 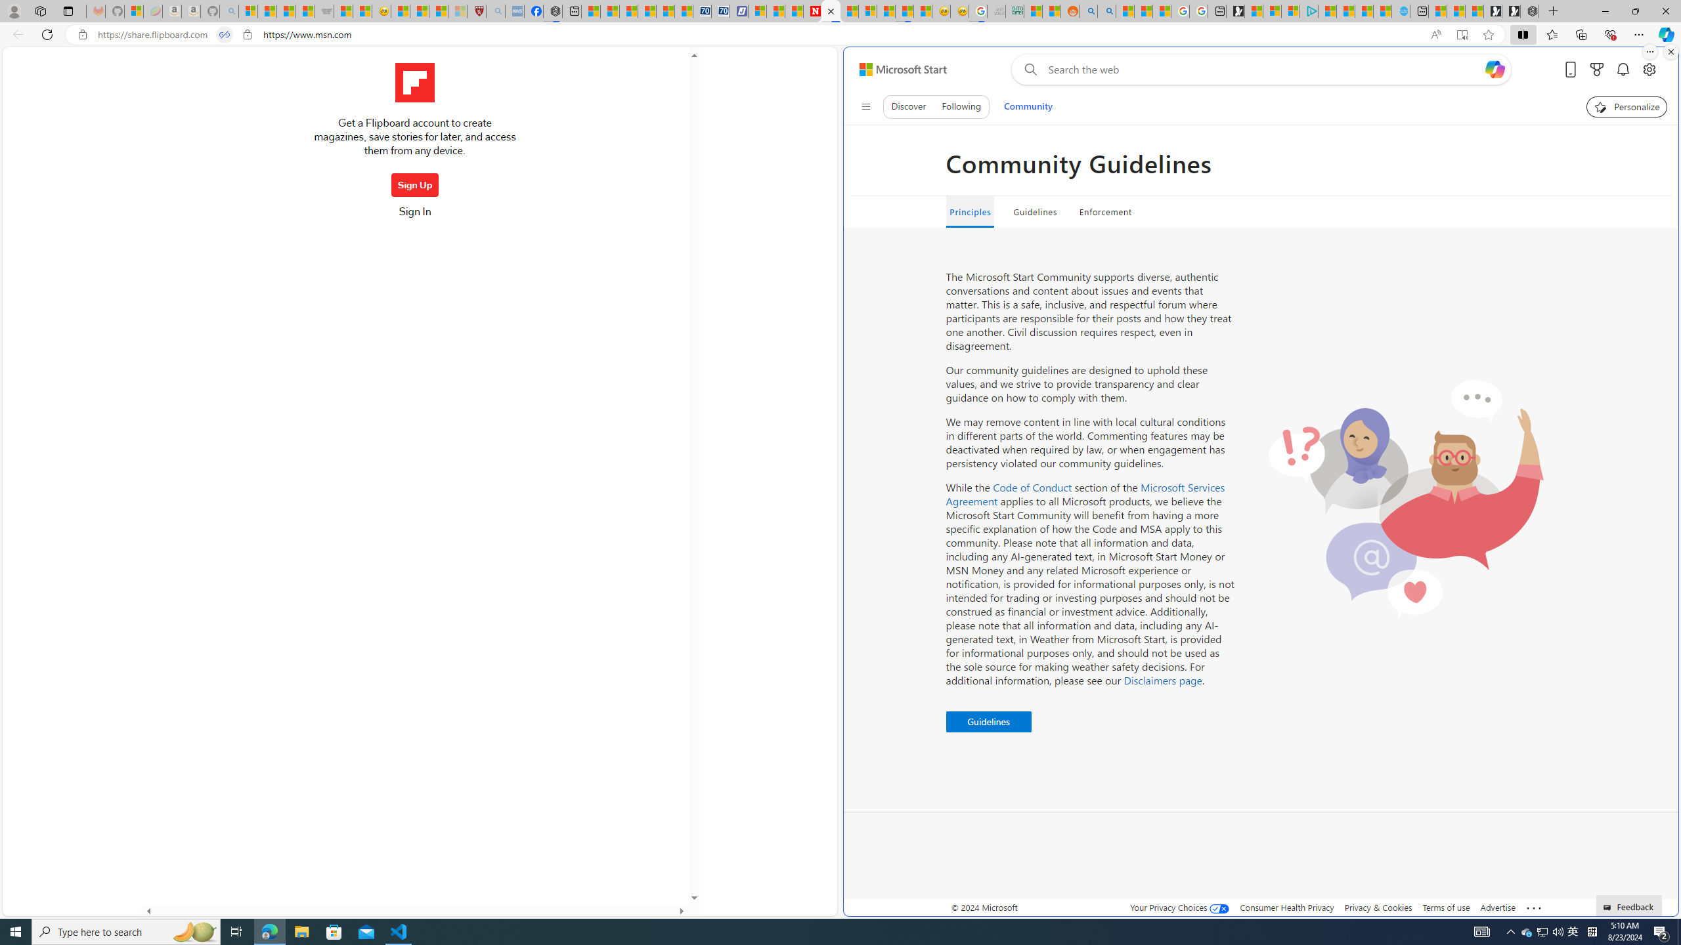 What do you see at coordinates (133, 10) in the screenshot?
I see `'Microsoft-Report a Concern to Bing'` at bounding box center [133, 10].